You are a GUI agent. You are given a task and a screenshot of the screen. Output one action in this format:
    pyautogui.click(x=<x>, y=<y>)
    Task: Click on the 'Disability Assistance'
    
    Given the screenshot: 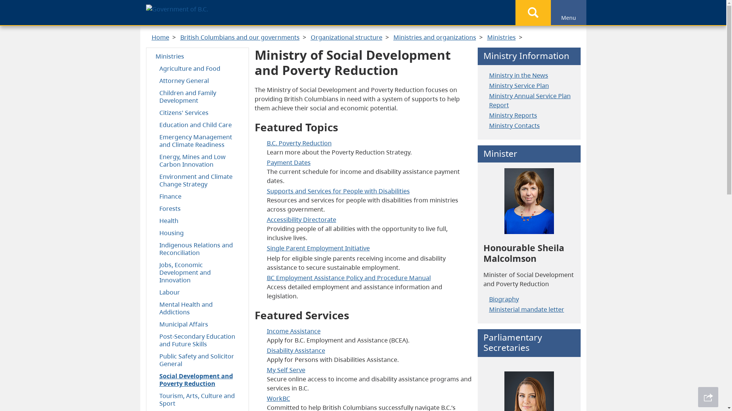 What is the action you would take?
    pyautogui.click(x=295, y=350)
    